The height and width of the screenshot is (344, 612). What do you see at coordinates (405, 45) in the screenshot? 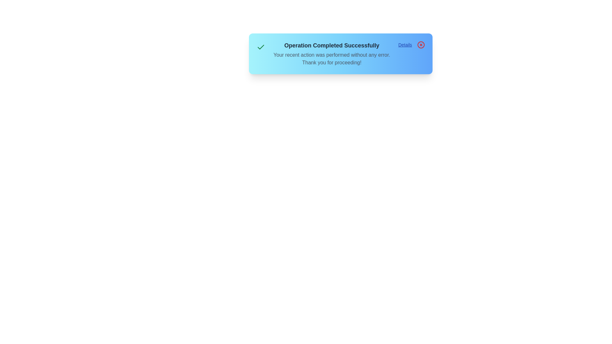
I see `'Details' button to open additional details` at bounding box center [405, 45].